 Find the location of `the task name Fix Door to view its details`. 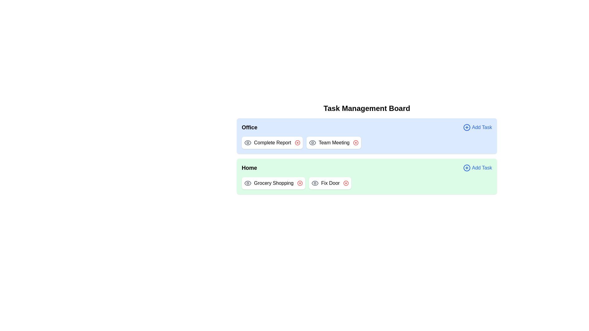

the task name Fix Door to view its details is located at coordinates (330, 183).